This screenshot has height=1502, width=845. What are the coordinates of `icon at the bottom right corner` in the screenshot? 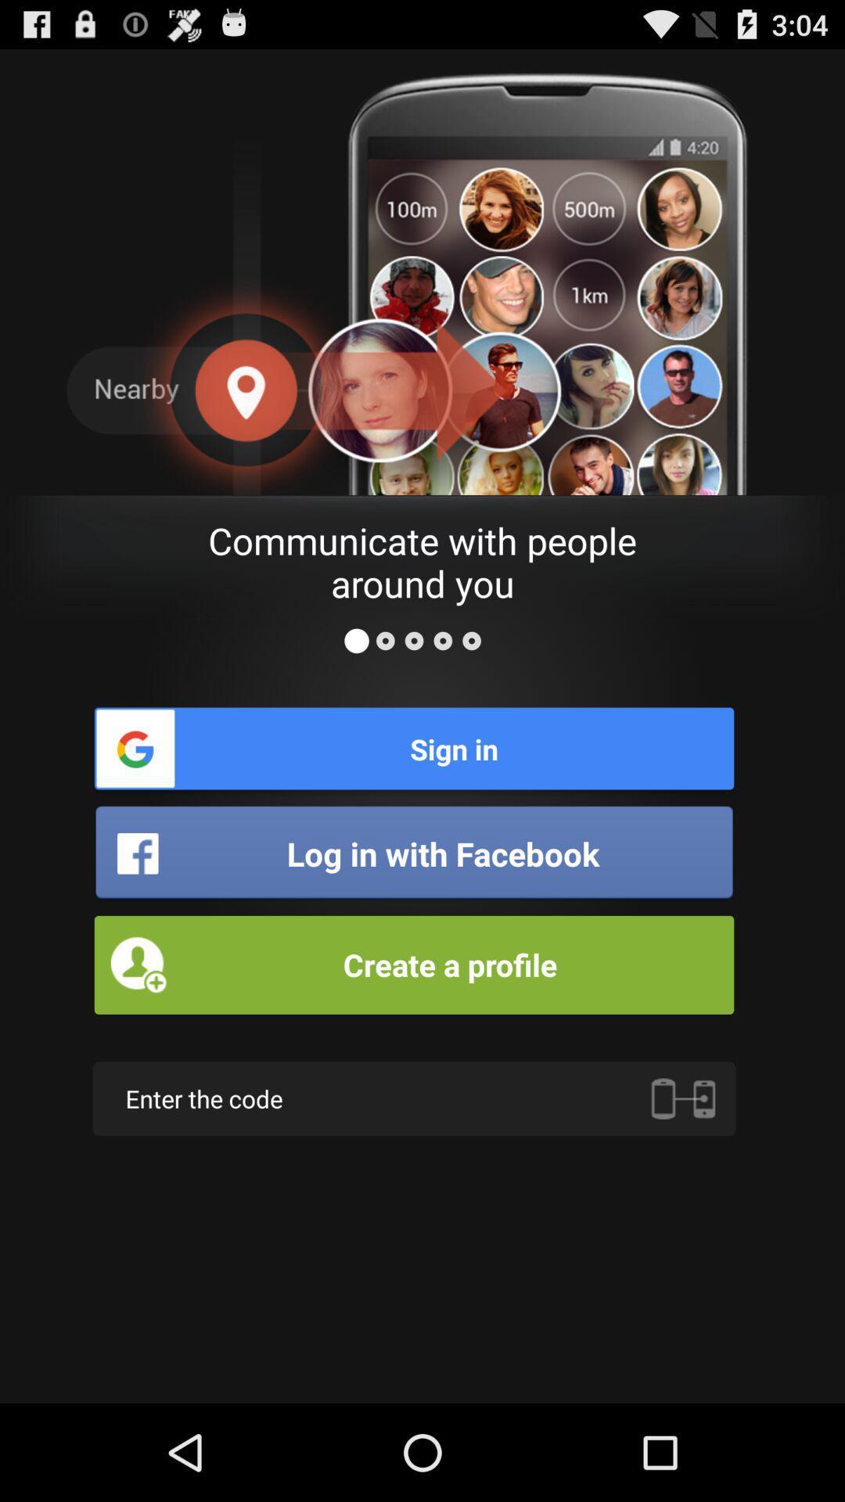 It's located at (682, 1098).